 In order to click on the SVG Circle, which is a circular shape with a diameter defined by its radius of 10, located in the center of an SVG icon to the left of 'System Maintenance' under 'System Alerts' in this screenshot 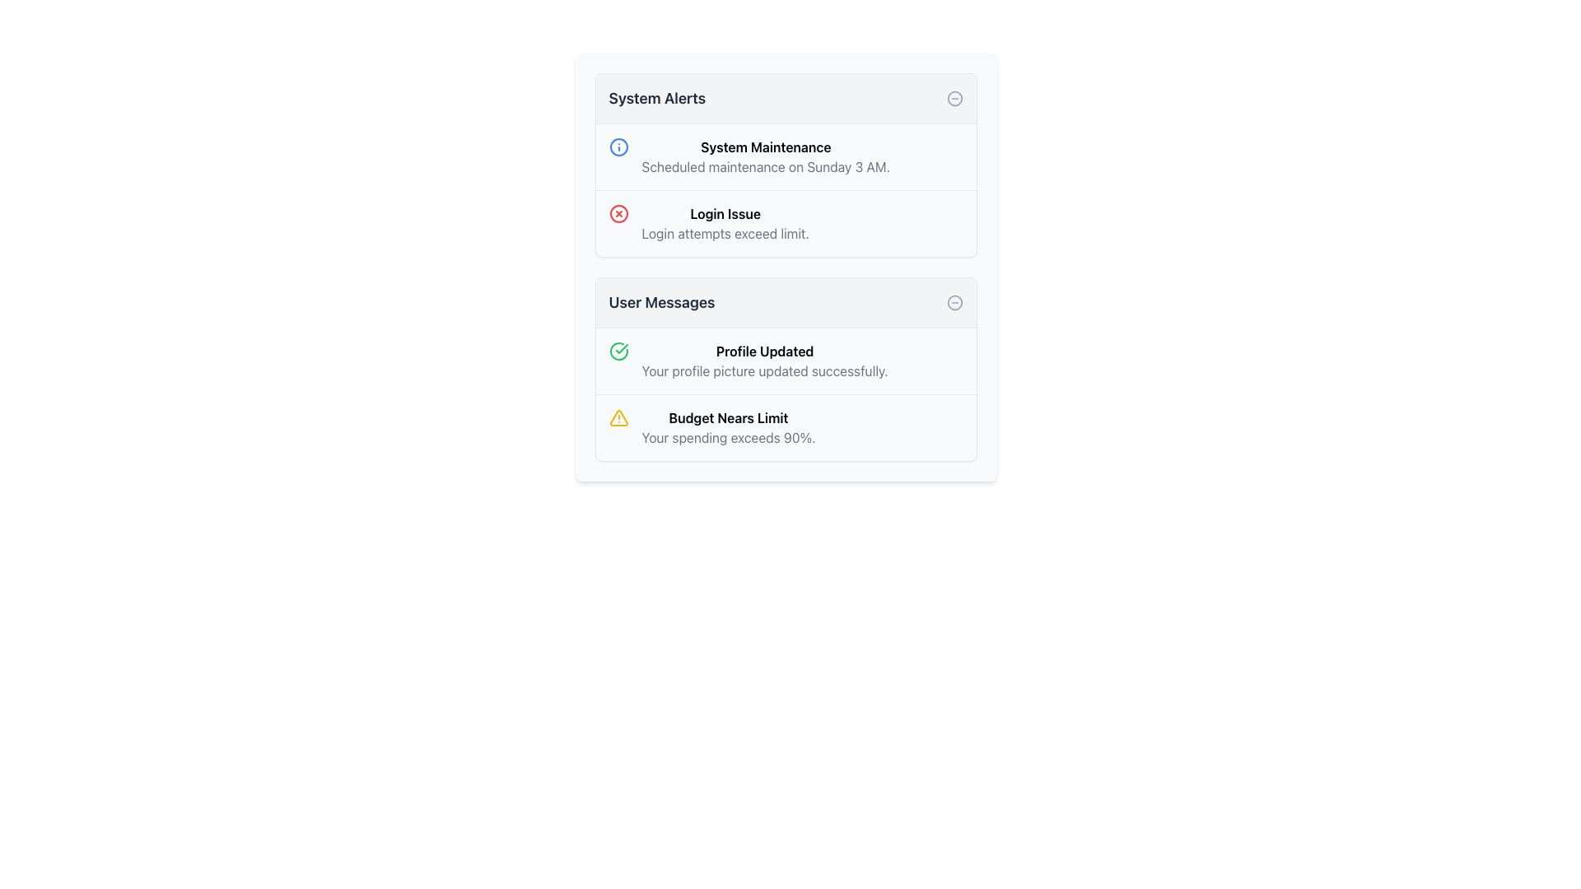, I will do `click(618, 146)`.